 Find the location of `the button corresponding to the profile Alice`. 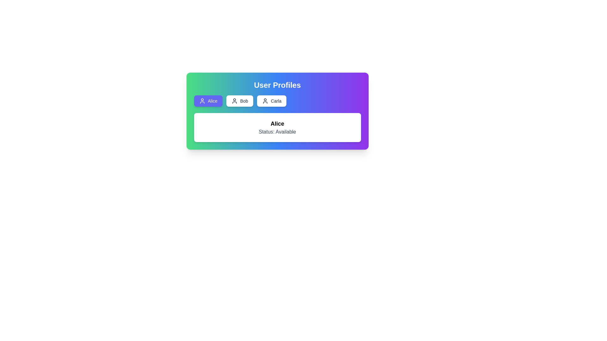

the button corresponding to the profile Alice is located at coordinates (208, 101).